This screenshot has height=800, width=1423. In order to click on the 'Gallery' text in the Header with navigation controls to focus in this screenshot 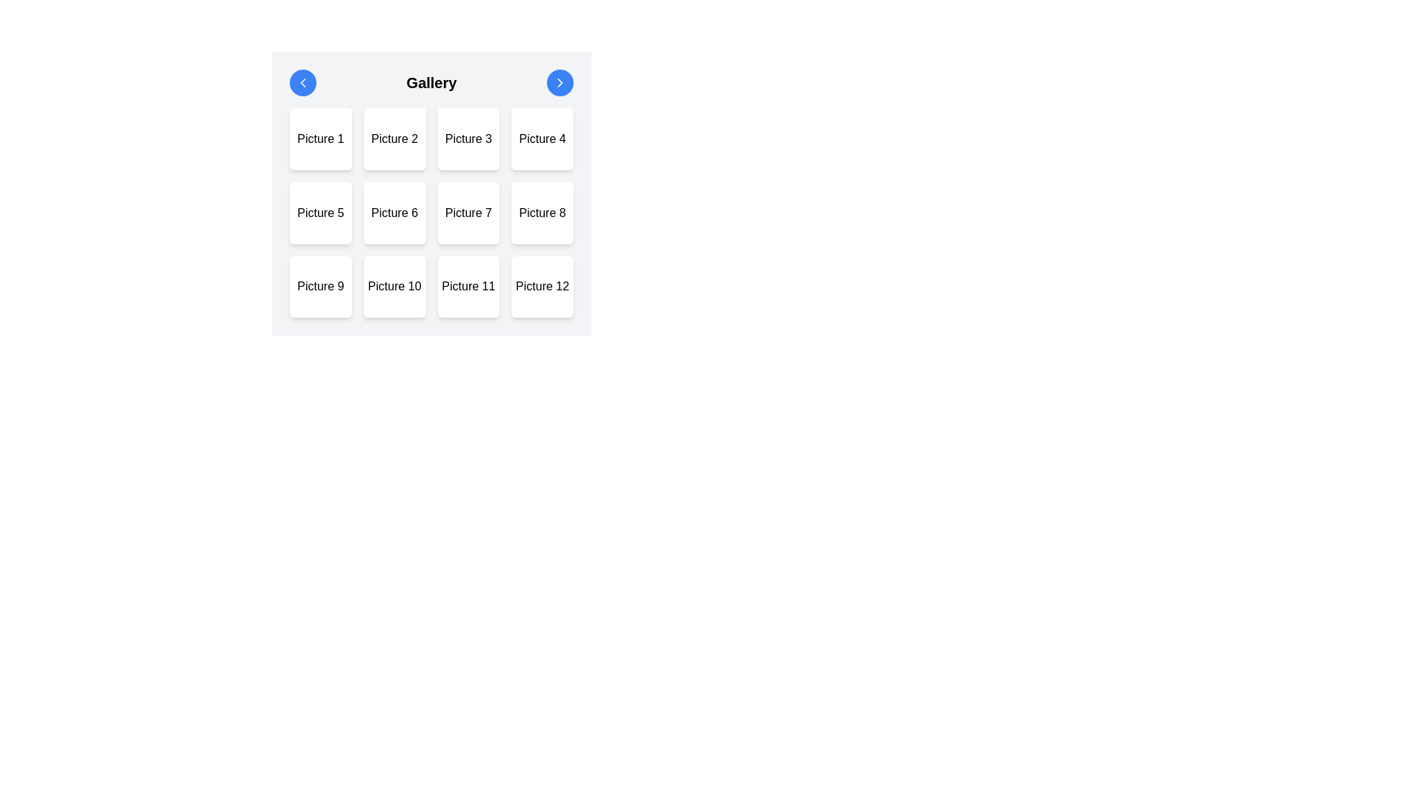, I will do `click(431, 82)`.